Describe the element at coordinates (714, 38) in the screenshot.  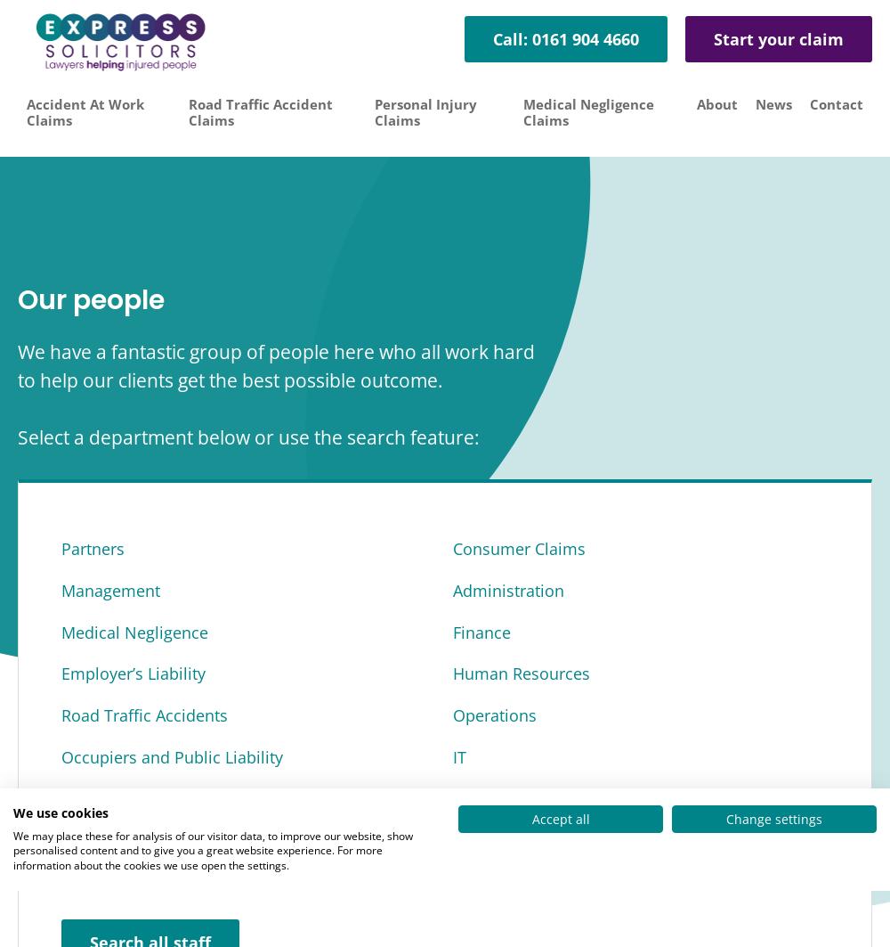
I see `'Start your claim'` at that location.